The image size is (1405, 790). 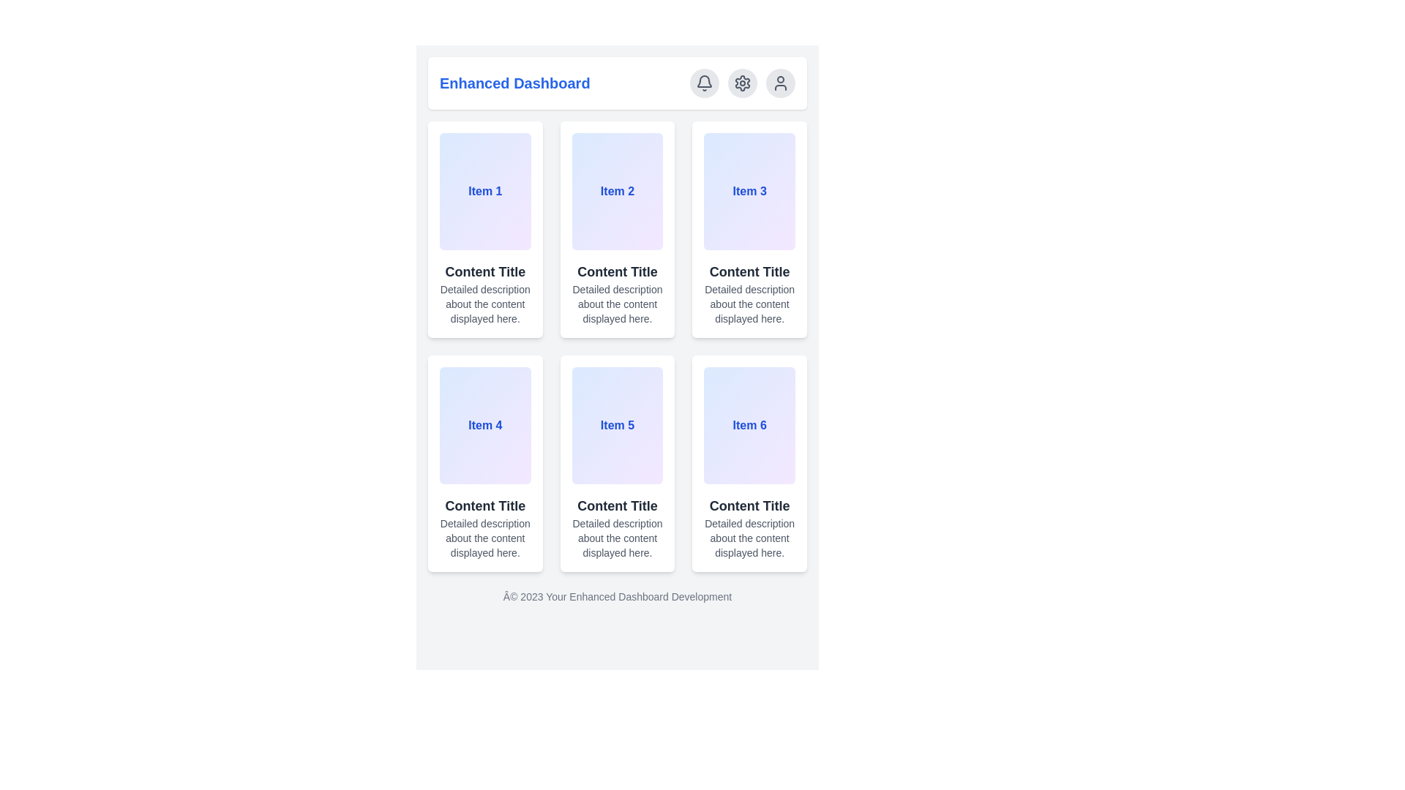 What do you see at coordinates (749, 426) in the screenshot?
I see `the informational Text label located in the lower-right card of a 3x2 grid layout, which serves as the title or identifier for its card` at bounding box center [749, 426].